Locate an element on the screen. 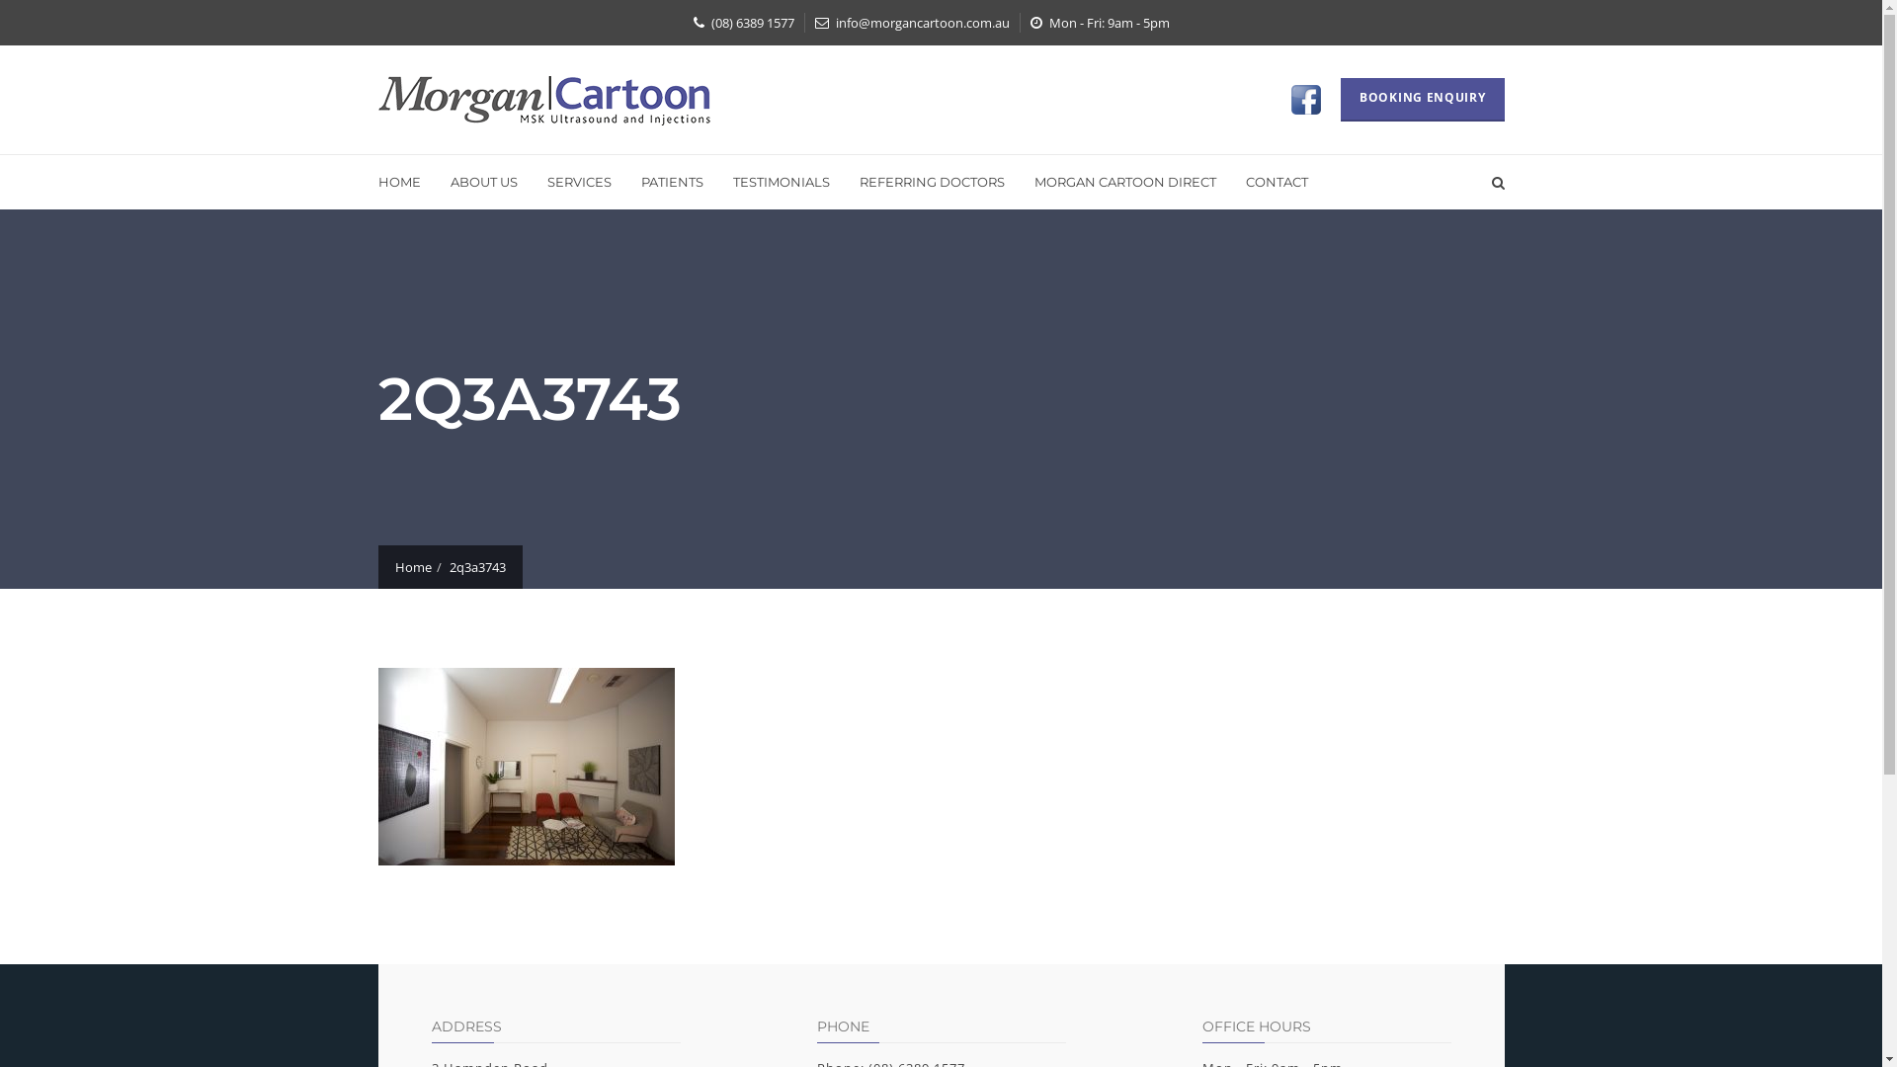 The width and height of the screenshot is (1897, 1067). 'BOOKING ENQUIRY' is located at coordinates (1423, 100).